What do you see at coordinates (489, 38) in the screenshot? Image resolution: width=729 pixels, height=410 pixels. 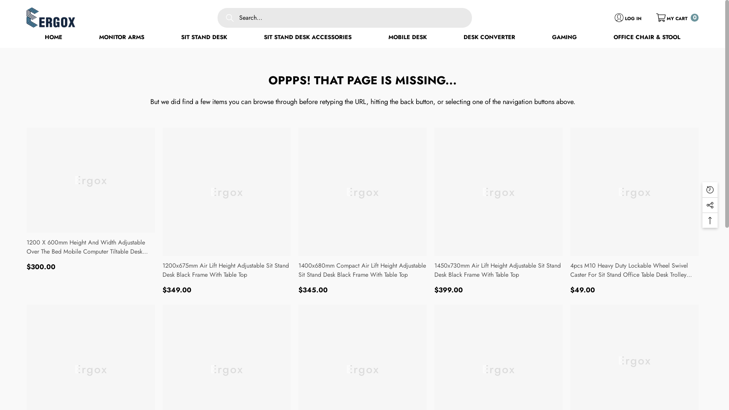 I see `'DESK CONVERTER'` at bounding box center [489, 38].